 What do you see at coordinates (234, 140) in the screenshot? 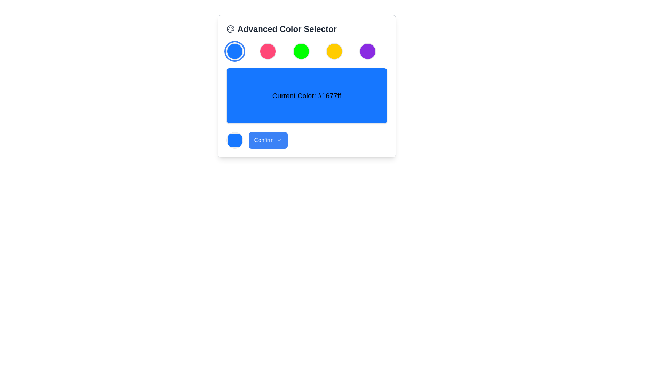
I see `the small, circular blue button located at the bottom left of its grouping` at bounding box center [234, 140].